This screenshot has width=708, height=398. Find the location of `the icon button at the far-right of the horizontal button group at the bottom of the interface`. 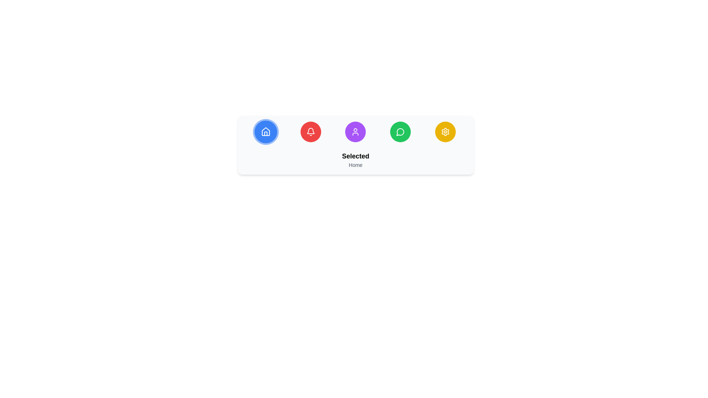

the icon button at the far-right of the horizontal button group at the bottom of the interface is located at coordinates (445, 132).